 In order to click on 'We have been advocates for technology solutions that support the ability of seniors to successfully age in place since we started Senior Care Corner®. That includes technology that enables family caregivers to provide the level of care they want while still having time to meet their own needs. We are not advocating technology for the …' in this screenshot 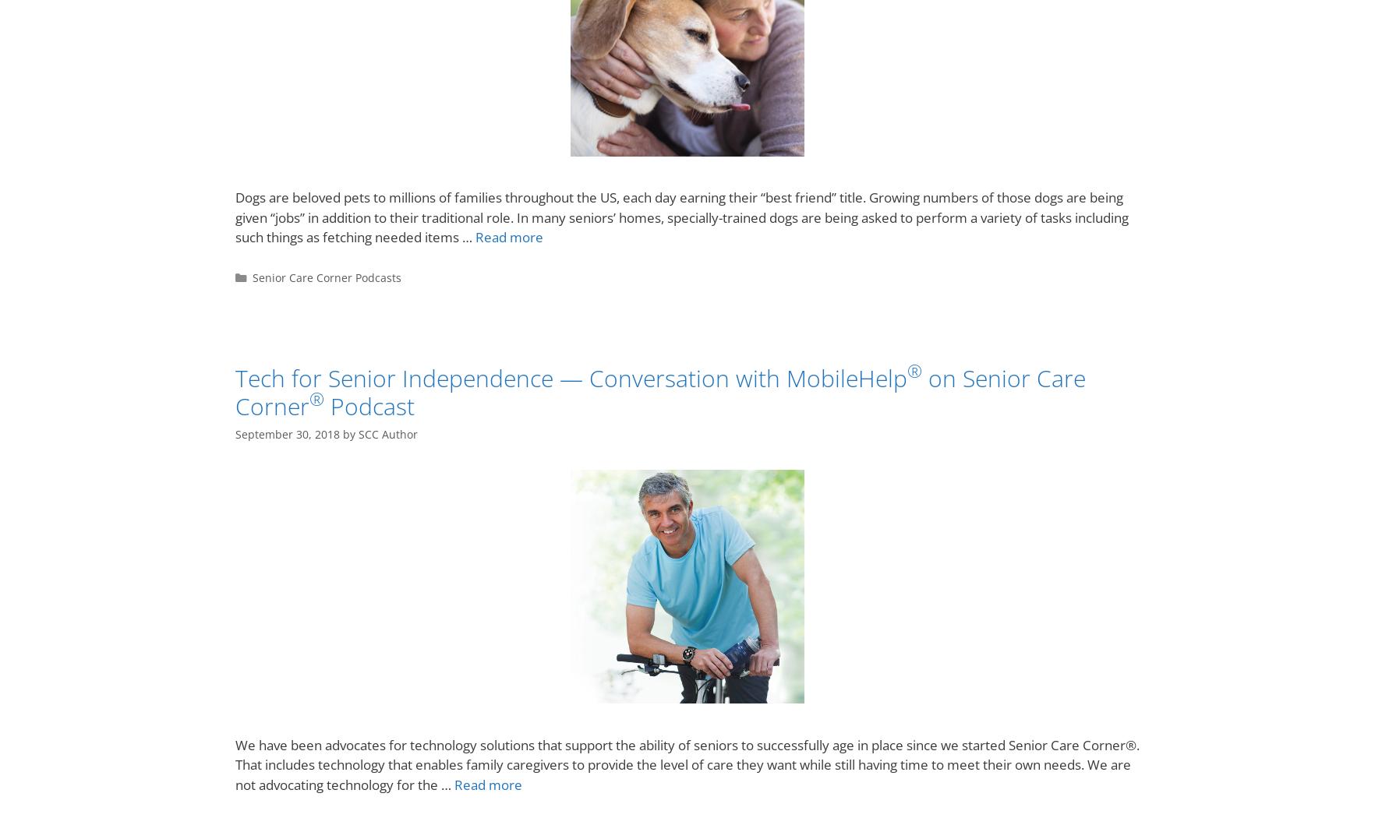, I will do `click(687, 764)`.